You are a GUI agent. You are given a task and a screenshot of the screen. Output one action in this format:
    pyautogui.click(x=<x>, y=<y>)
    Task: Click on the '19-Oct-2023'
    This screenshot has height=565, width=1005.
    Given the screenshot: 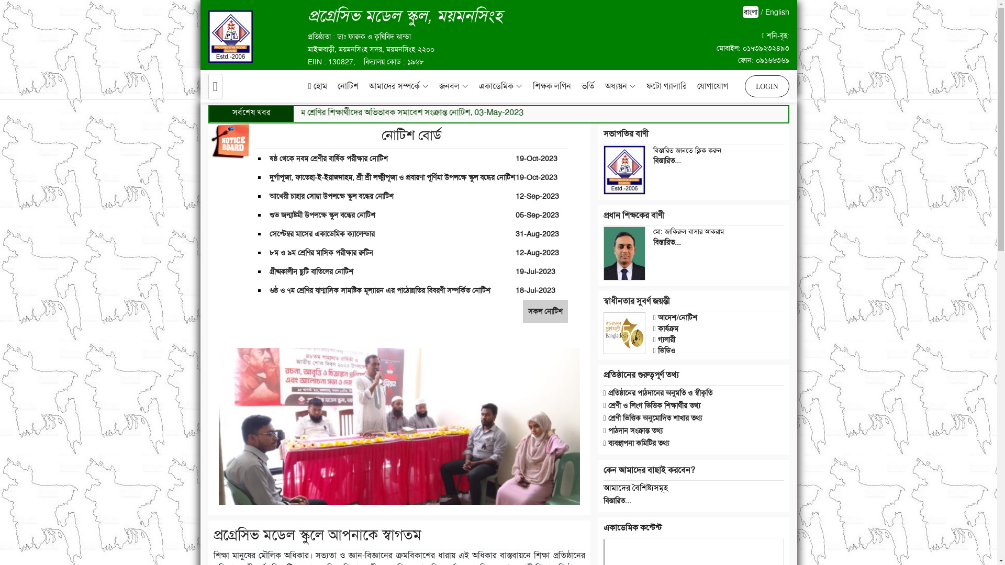 What is the action you would take?
    pyautogui.click(x=537, y=177)
    